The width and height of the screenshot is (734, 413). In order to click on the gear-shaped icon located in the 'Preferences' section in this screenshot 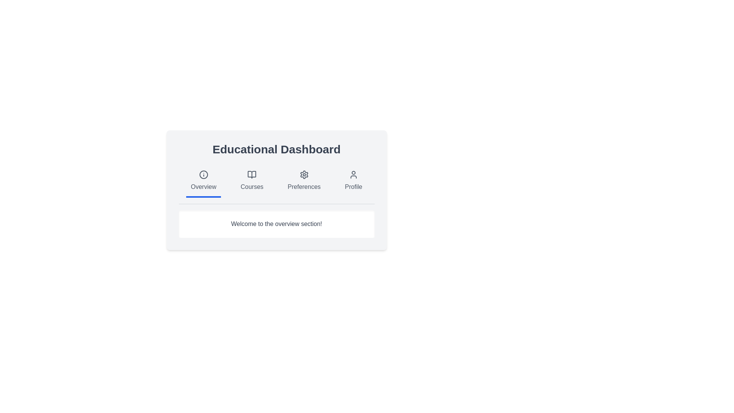, I will do `click(304, 174)`.